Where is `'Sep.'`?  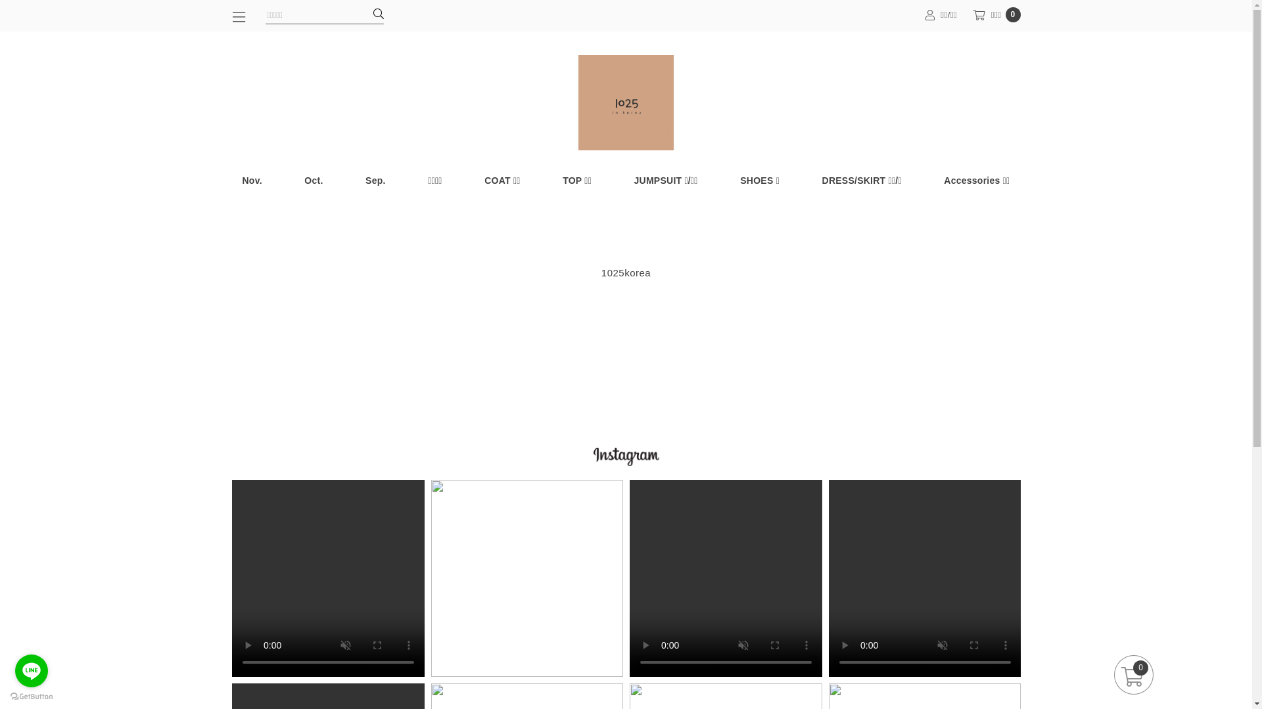
'Sep.' is located at coordinates (354, 181).